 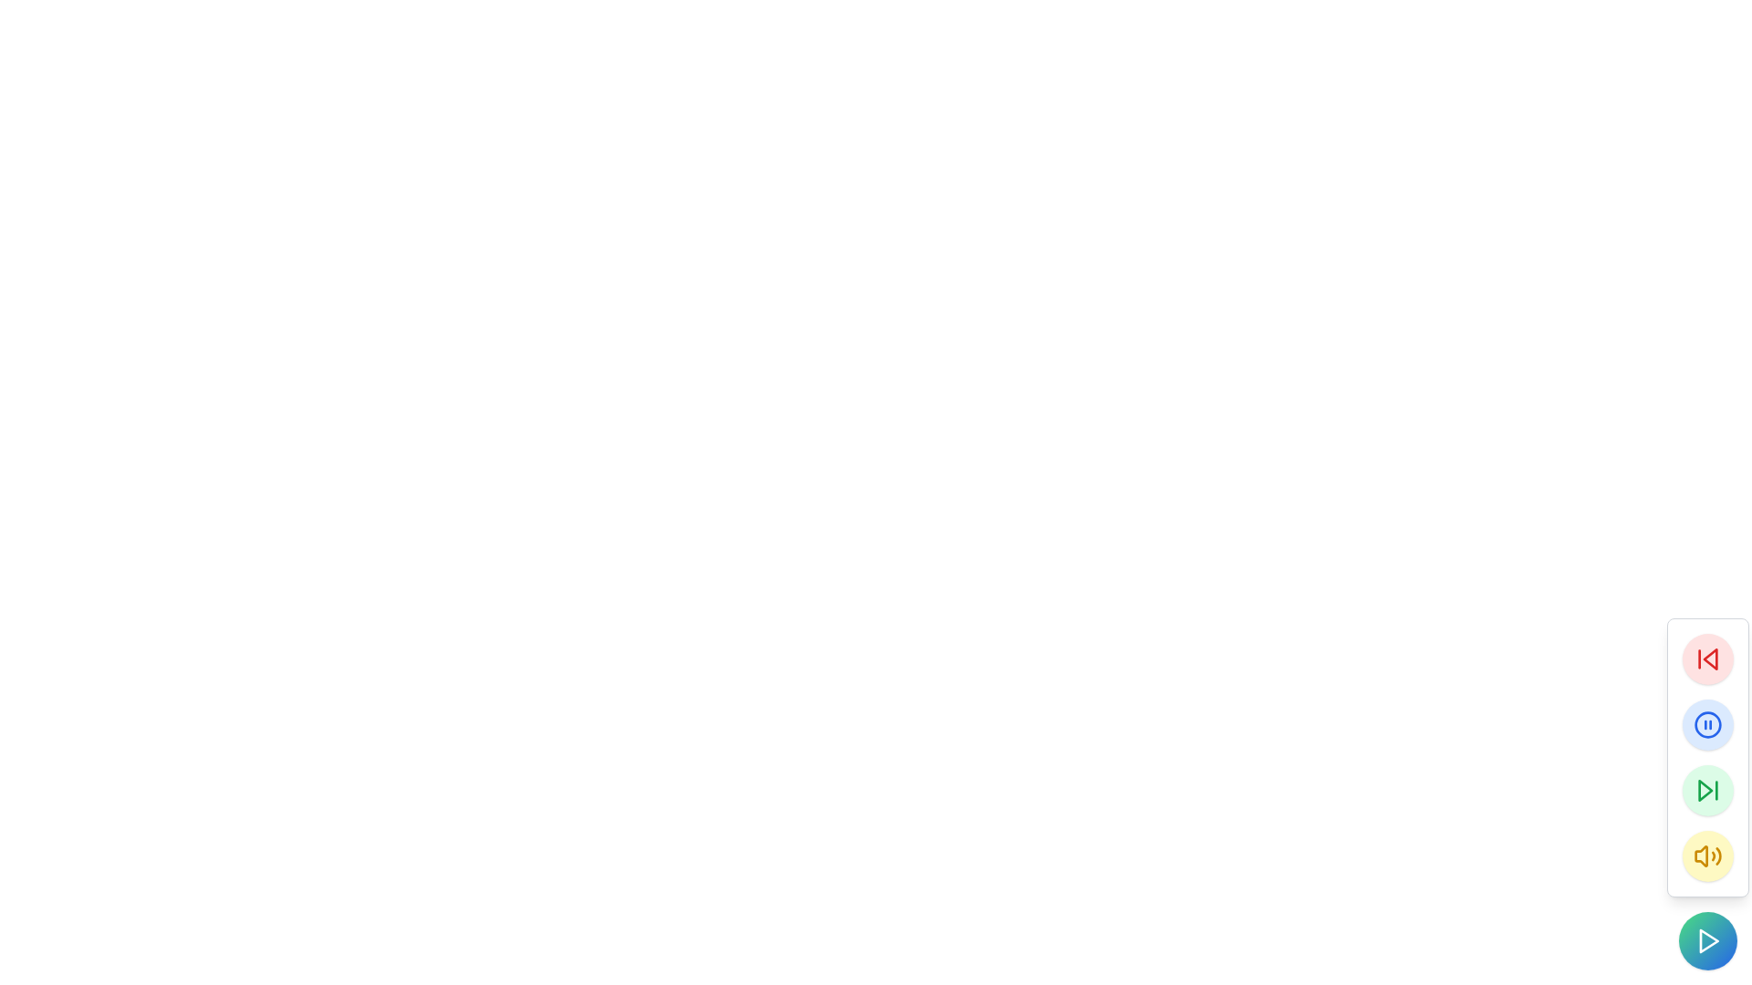 What do you see at coordinates (1707, 790) in the screenshot?
I see `the rounded green circle button with a forward play icon located at the bottom-right corner of the interface` at bounding box center [1707, 790].